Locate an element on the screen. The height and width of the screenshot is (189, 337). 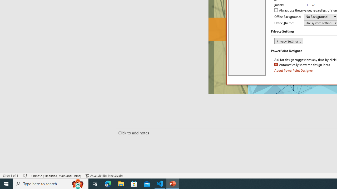
'Privacy Settings...' is located at coordinates (288, 41).